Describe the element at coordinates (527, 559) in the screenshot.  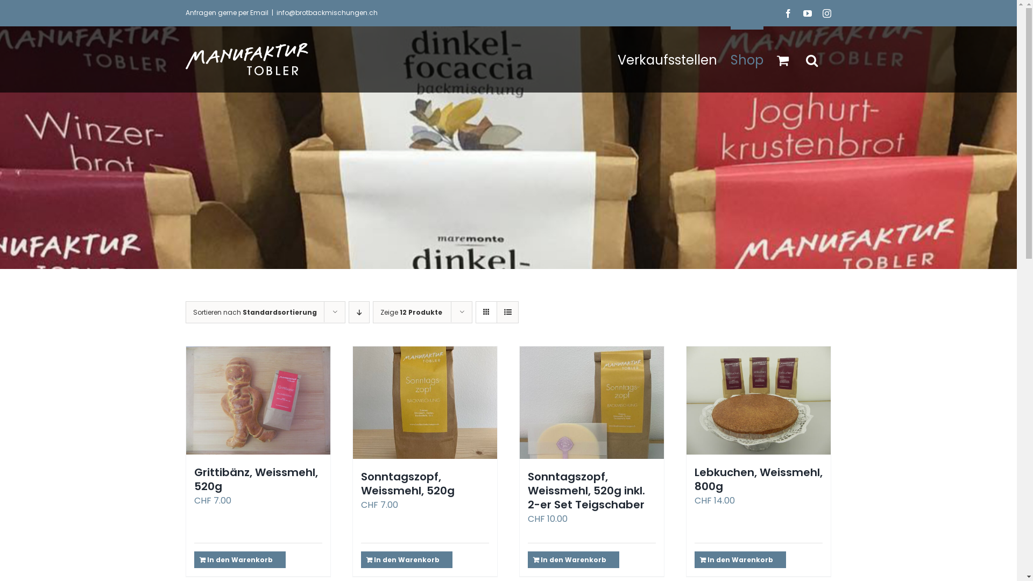
I see `'In den Warenkorb'` at that location.